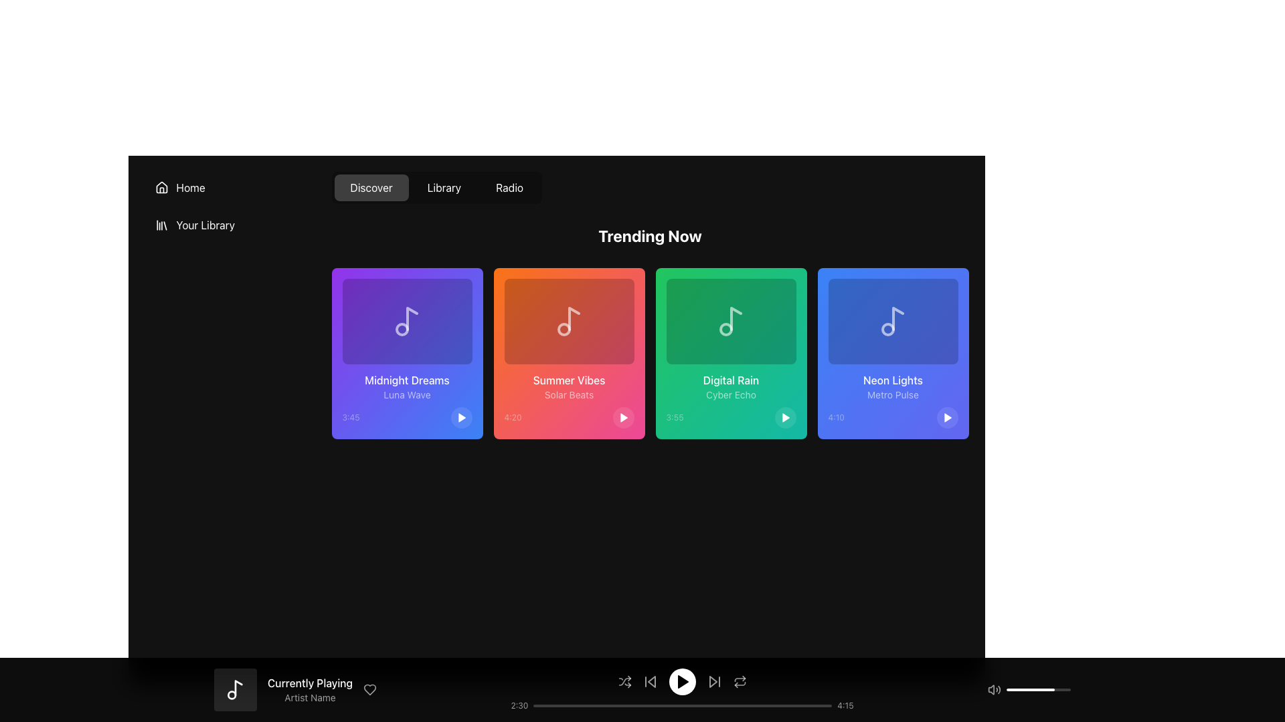  I want to click on the music note icon, which is styled in white and located slightly above the center of the 'Midnight Dreams' music card in the 'Trending Now' section, positioned to the immediate left of the circular play button, so click(411, 319).